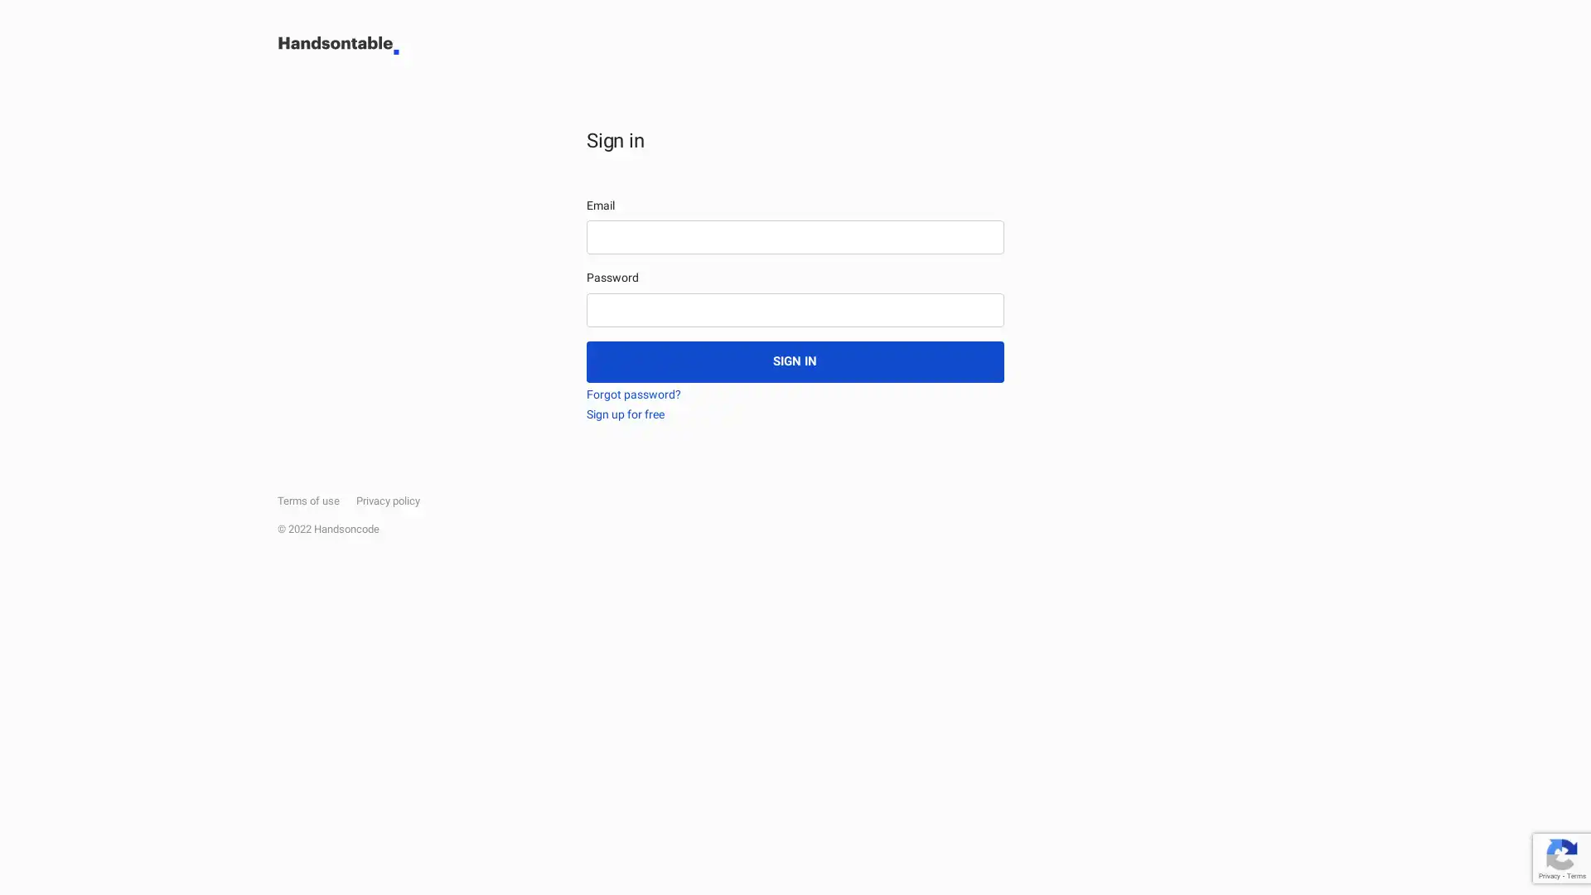 The height and width of the screenshot is (895, 1591). What do you see at coordinates (794, 360) in the screenshot?
I see `SIGN IN` at bounding box center [794, 360].